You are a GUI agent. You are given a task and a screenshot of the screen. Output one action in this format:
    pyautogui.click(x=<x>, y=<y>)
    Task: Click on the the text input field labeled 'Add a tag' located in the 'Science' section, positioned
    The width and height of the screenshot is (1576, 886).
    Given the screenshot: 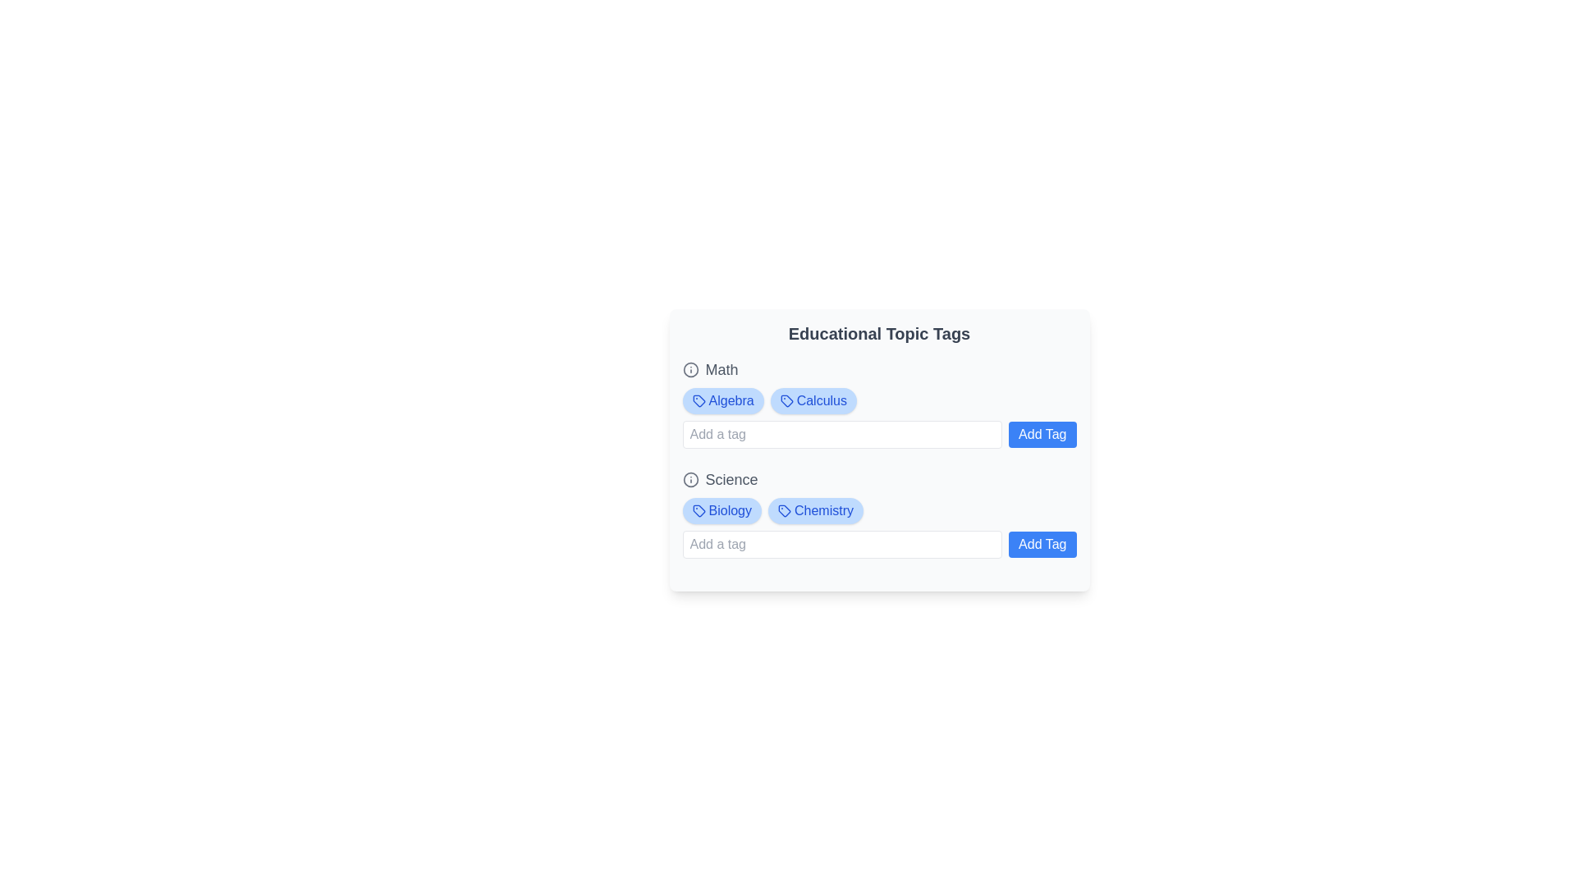 What is the action you would take?
    pyautogui.click(x=842, y=544)
    